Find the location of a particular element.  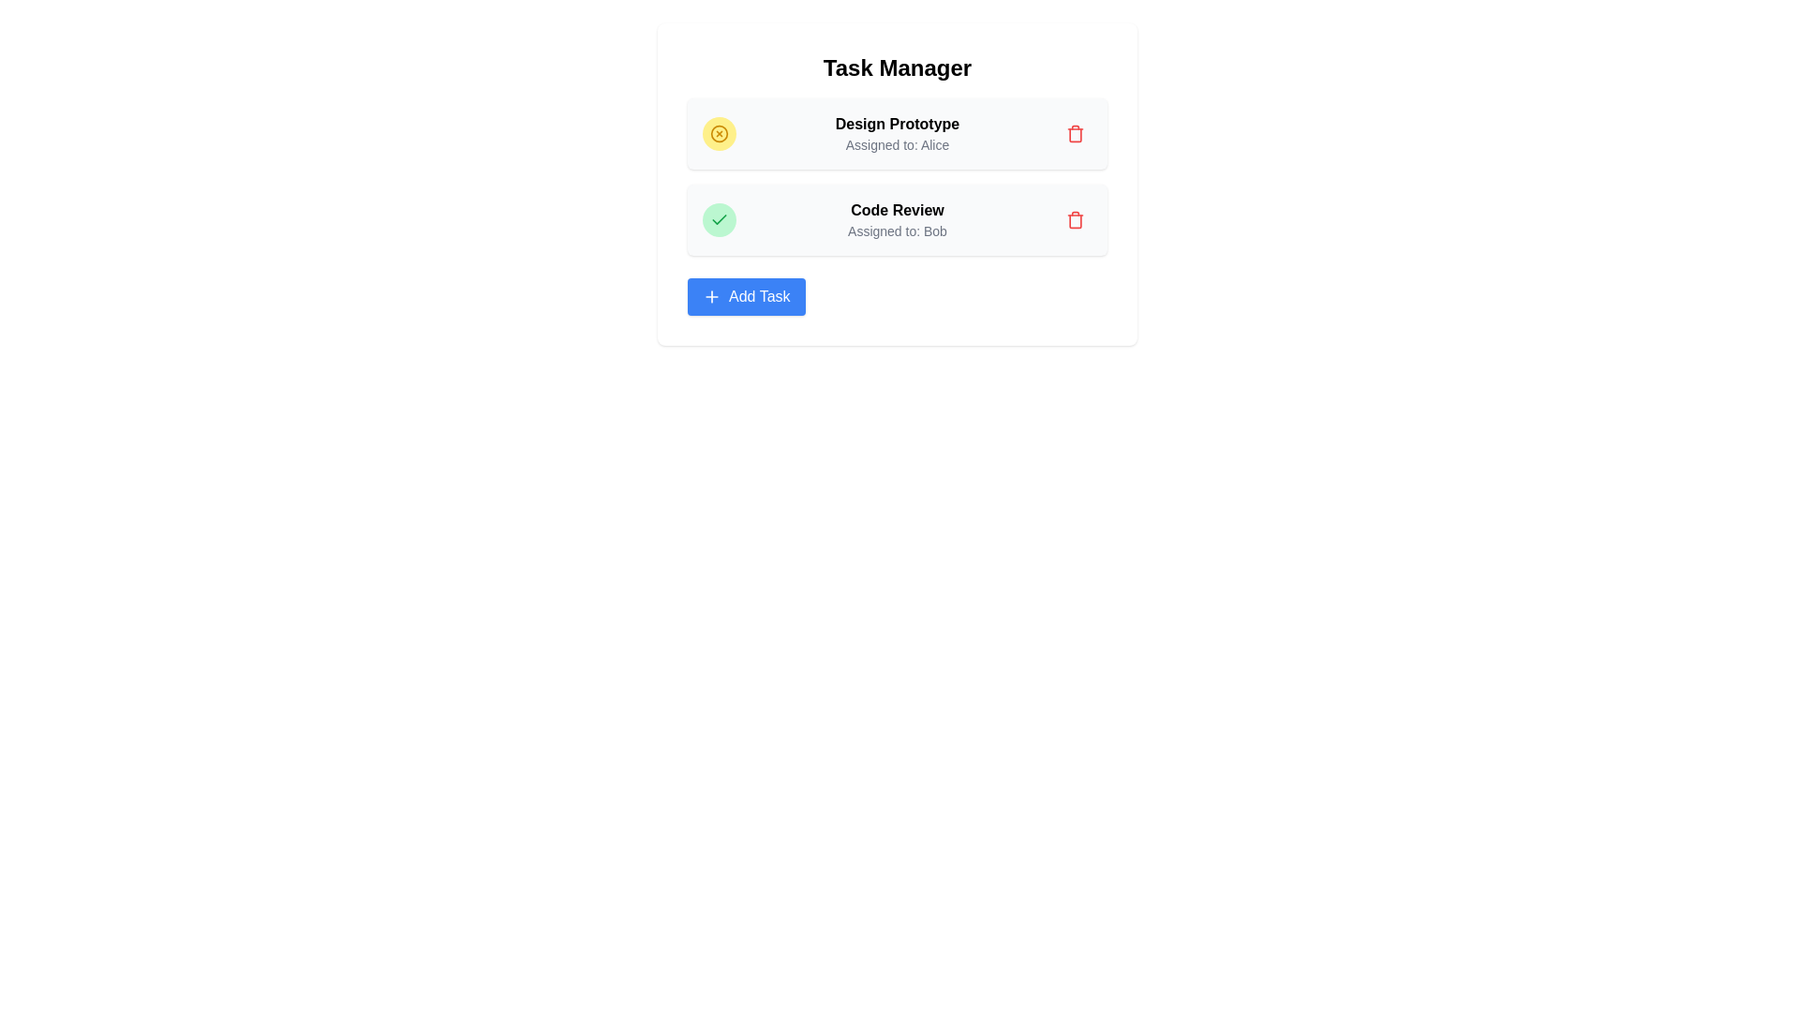

the Status Icon element, which is a circular icon with a yellow background and a red cross, located adjacent to the 'Design Prototype' item in the task list is located at coordinates (719, 132).